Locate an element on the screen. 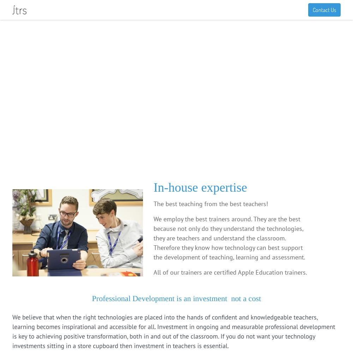 The width and height of the screenshot is (353, 353). 'Professional Development is an investment' is located at coordinates (160, 298).